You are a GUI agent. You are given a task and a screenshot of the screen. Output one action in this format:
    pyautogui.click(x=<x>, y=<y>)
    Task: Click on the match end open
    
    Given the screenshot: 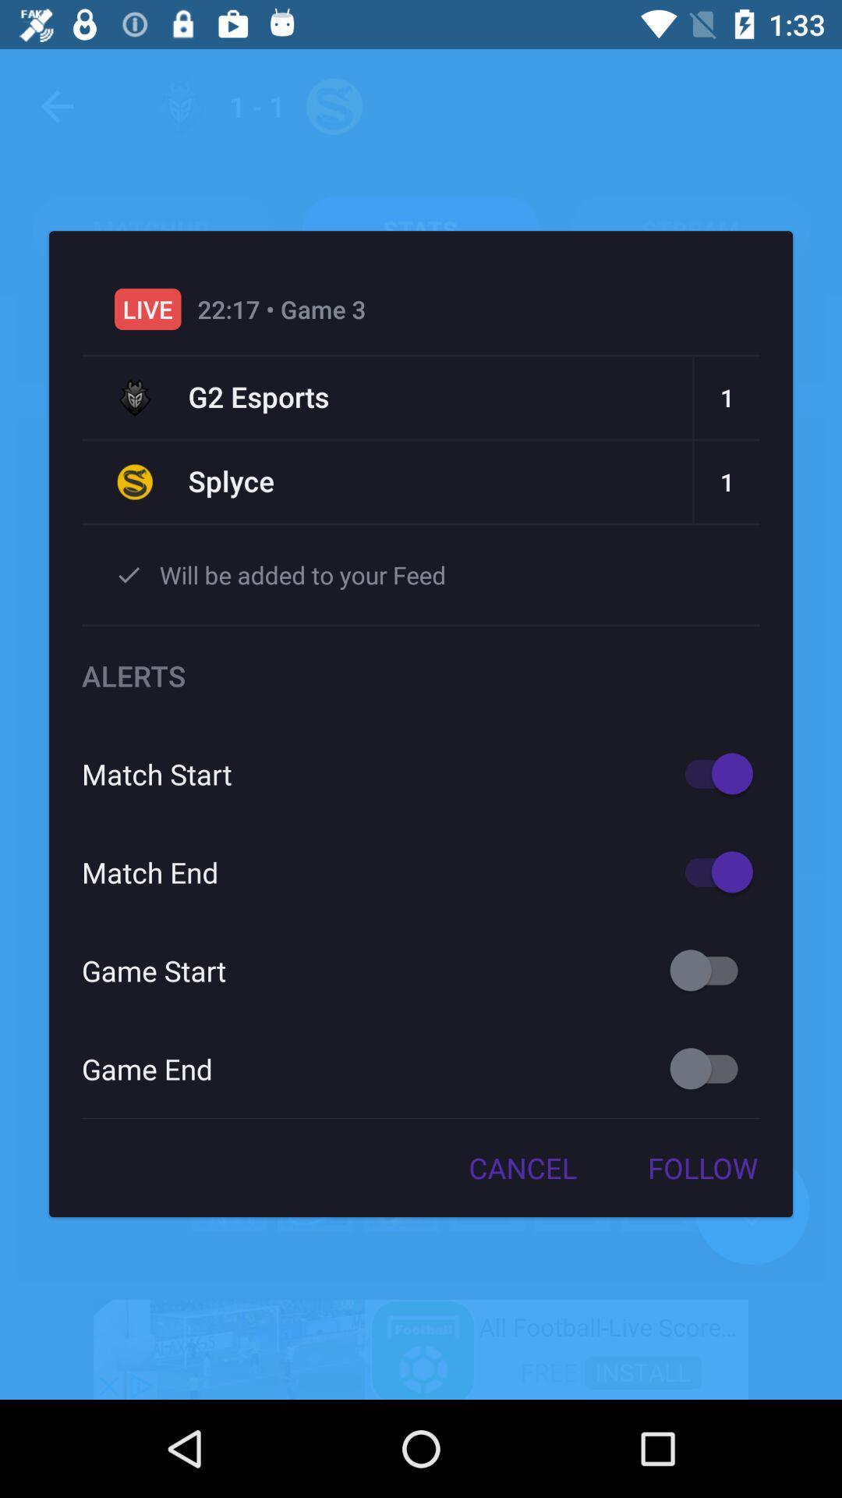 What is the action you would take?
    pyautogui.click(x=711, y=871)
    